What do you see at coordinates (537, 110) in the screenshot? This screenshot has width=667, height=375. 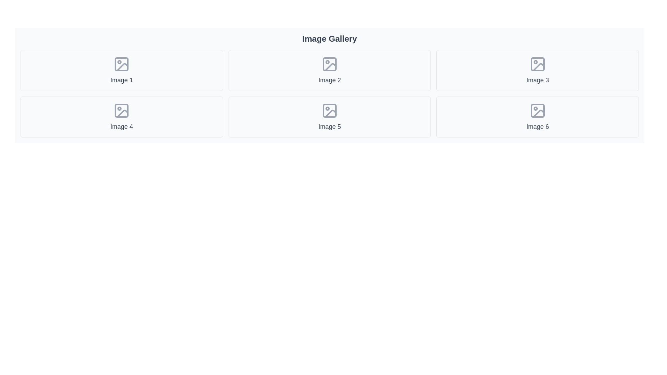 I see `the rectangular SVG shape with rounded corners in the bottom-right corner of the grid labeled 'Image 6' in the image gallery` at bounding box center [537, 110].